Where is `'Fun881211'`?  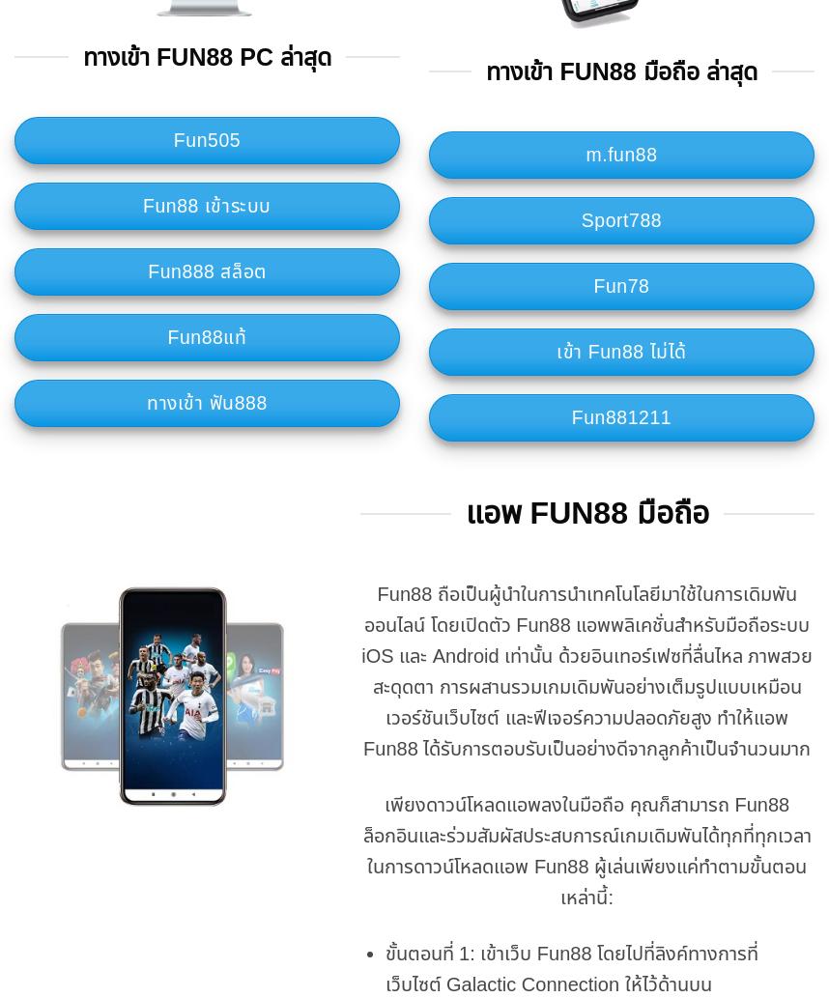
'Fun881211' is located at coordinates (620, 417).